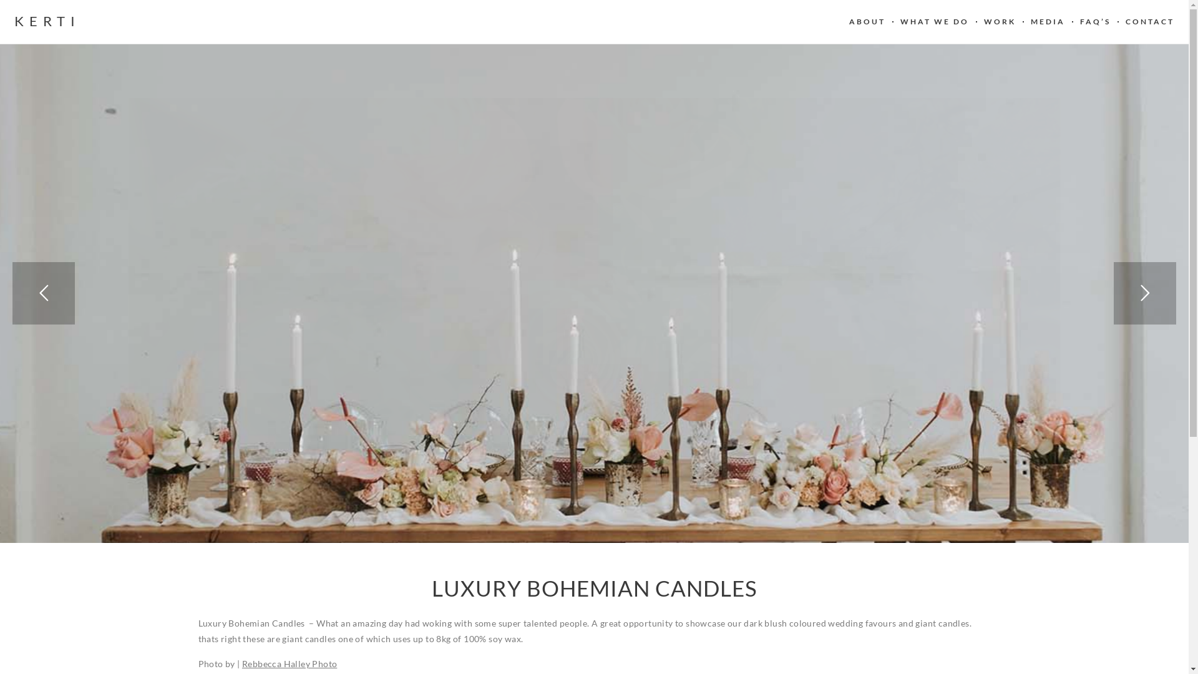 The height and width of the screenshot is (674, 1198). Describe the element at coordinates (289, 663) in the screenshot. I see `'Rebbecca Halley Photo'` at that location.